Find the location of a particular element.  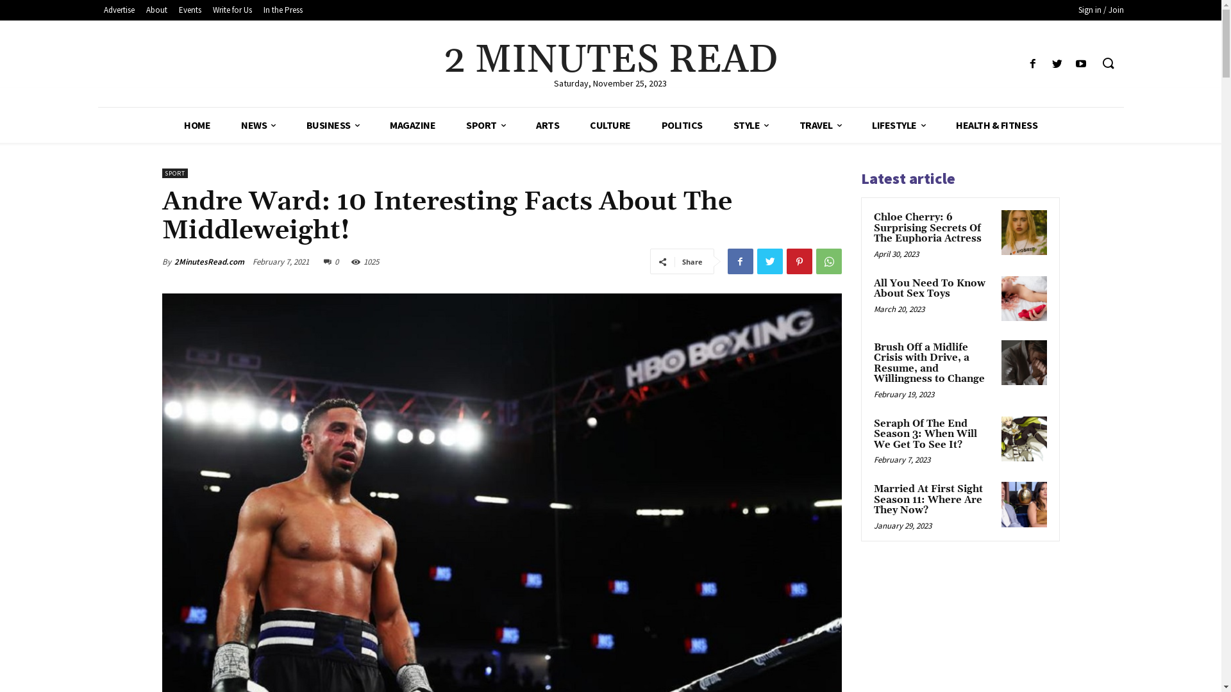

'Sign in / Join' is located at coordinates (1077, 10).